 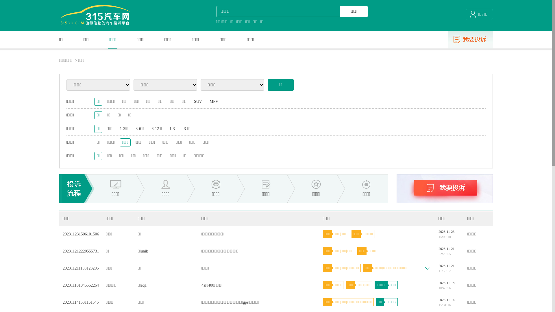 I want to click on 'MPV', so click(x=213, y=101).